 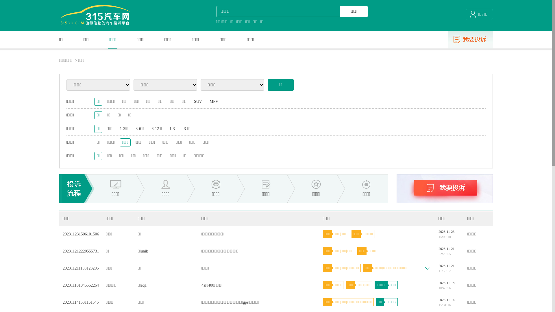 I want to click on 'MPV', so click(x=213, y=101).